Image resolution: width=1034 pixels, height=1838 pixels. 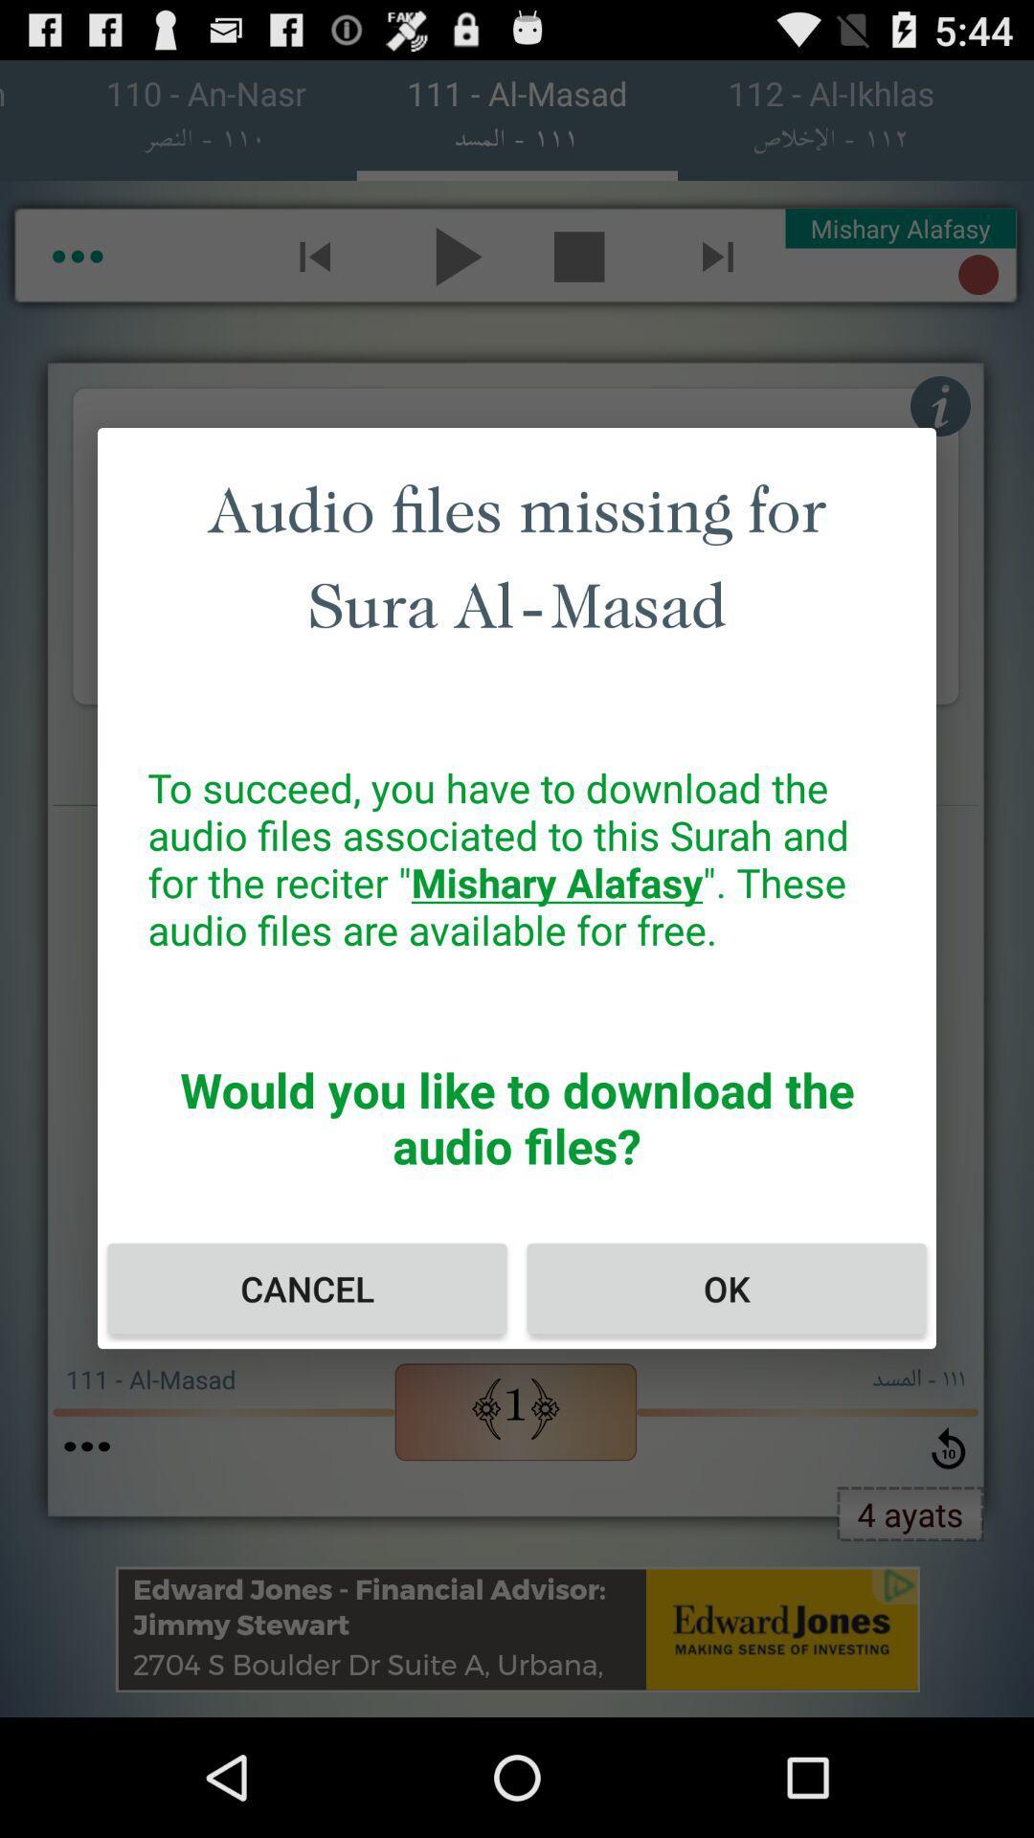 I want to click on cancel, so click(x=305, y=1289).